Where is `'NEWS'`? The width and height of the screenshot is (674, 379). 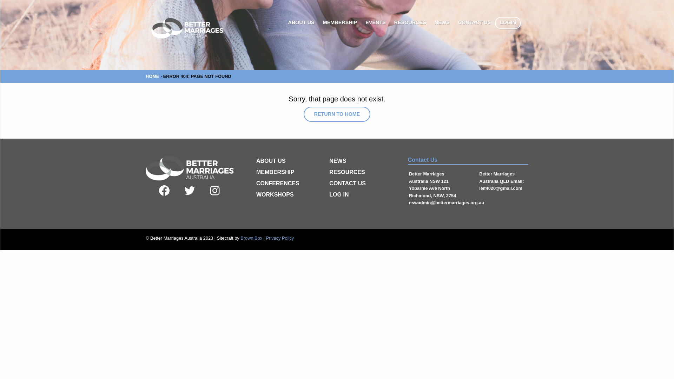 'NEWS' is located at coordinates (430, 22).